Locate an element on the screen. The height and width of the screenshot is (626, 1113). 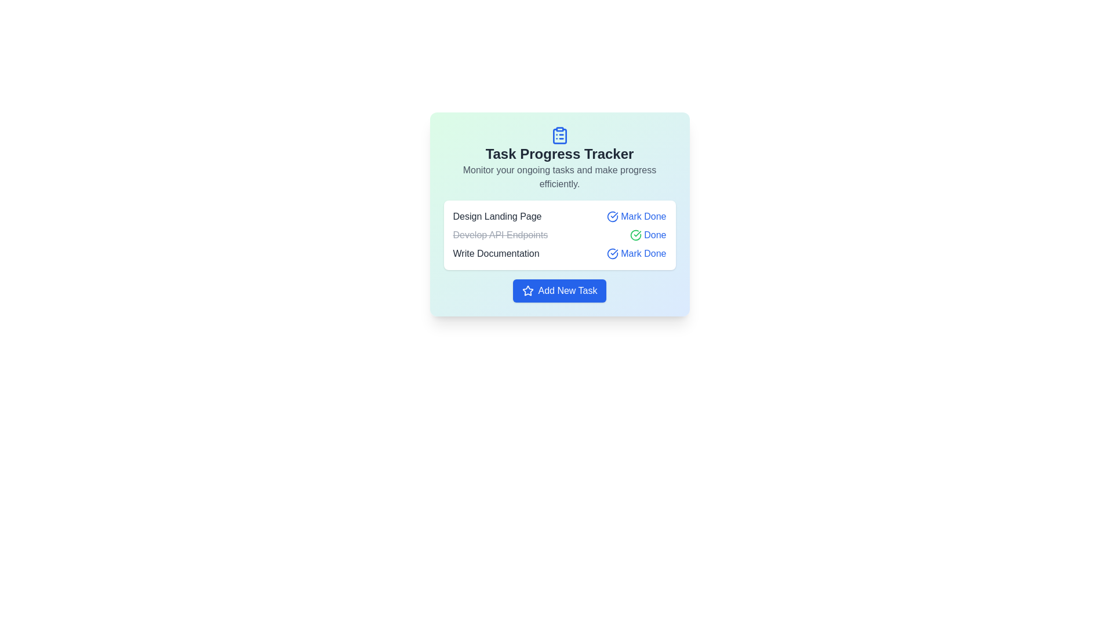
task name from the first task entry in the task tracking interface, which includes a textual description and an action button for marking the task as complete is located at coordinates (559, 217).